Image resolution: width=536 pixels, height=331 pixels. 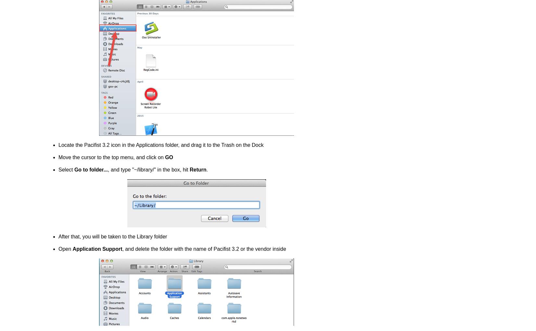 I want to click on 'Return', so click(x=189, y=170).